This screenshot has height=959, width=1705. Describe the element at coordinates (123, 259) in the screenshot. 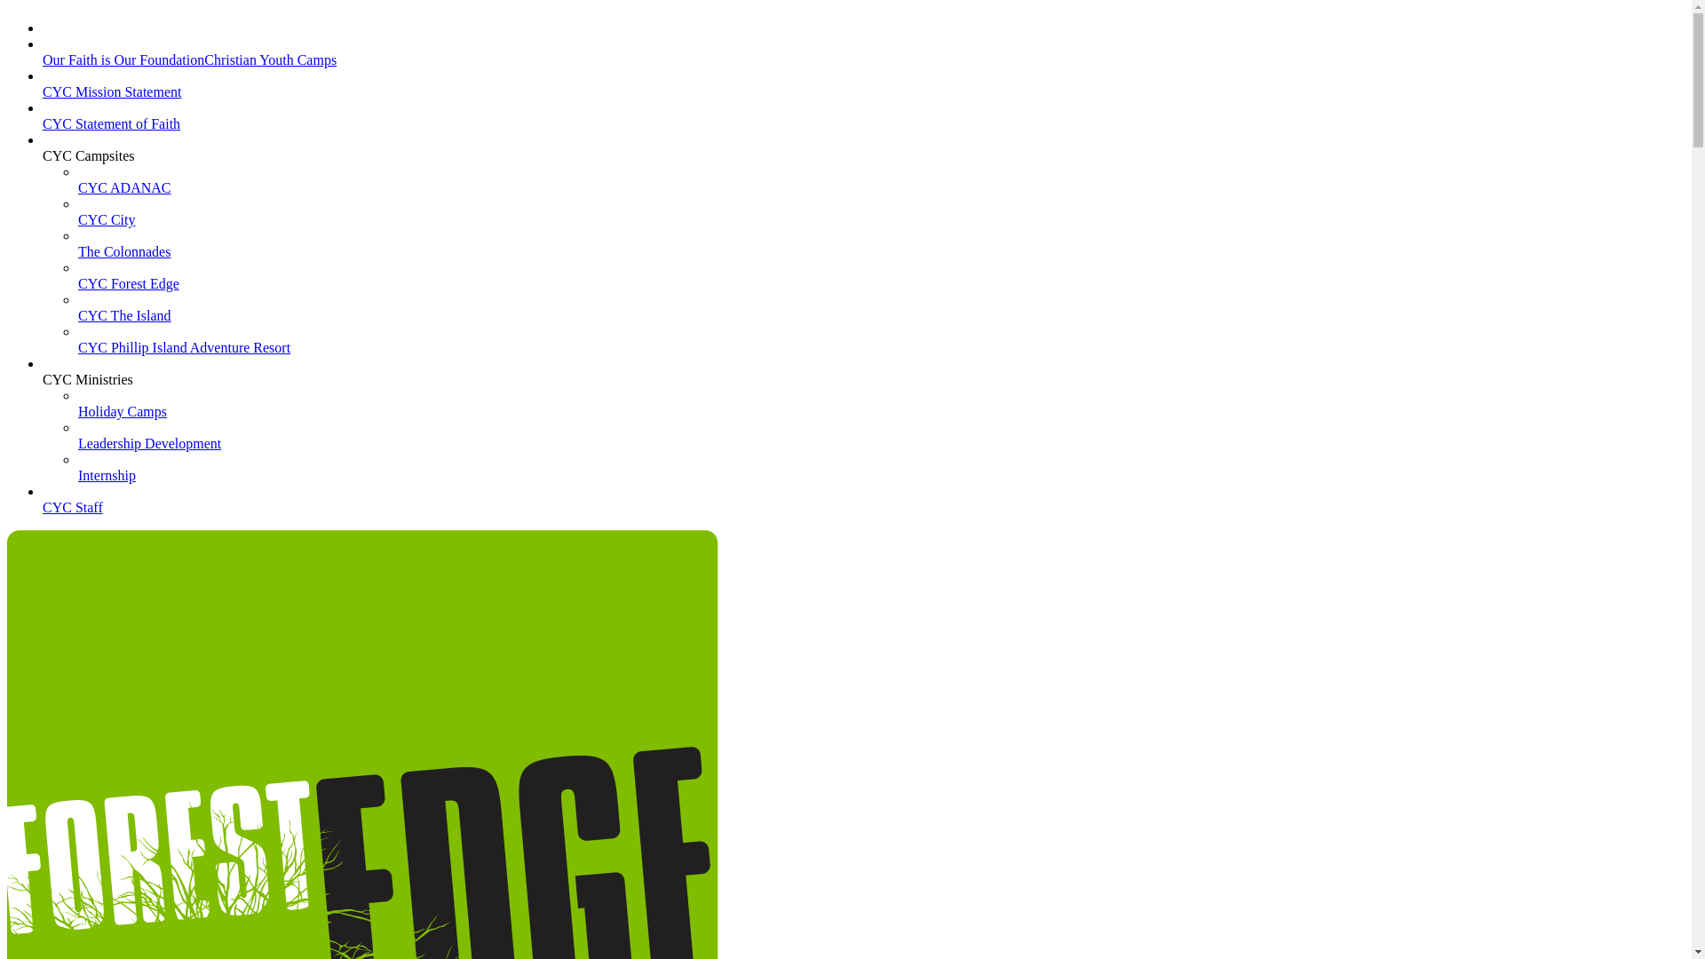

I see `'The Colonnades'` at that location.